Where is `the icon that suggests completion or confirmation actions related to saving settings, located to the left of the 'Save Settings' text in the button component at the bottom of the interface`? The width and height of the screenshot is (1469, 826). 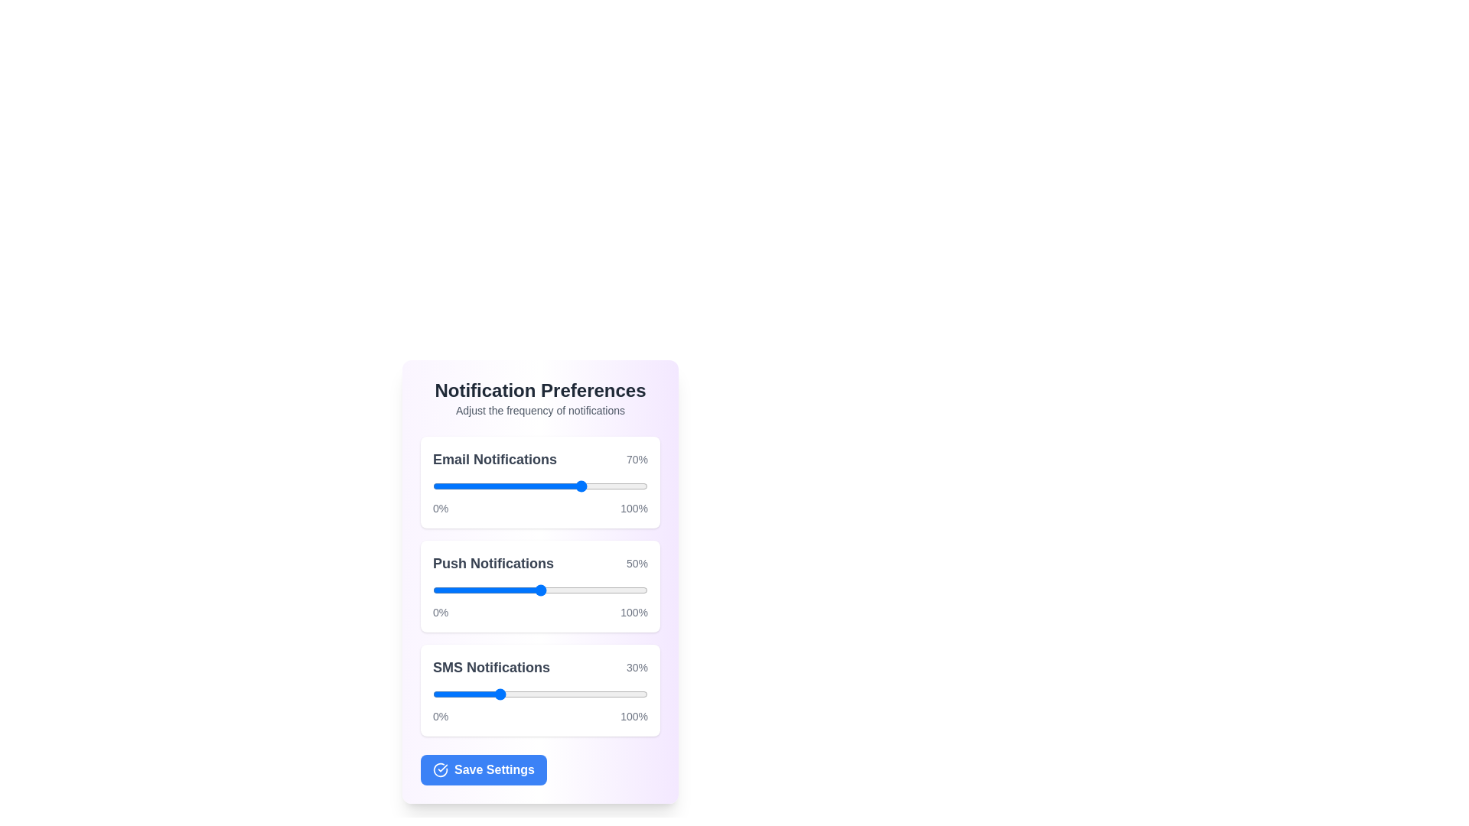 the icon that suggests completion or confirmation actions related to saving settings, located to the left of the 'Save Settings' text in the button component at the bottom of the interface is located at coordinates (440, 769).